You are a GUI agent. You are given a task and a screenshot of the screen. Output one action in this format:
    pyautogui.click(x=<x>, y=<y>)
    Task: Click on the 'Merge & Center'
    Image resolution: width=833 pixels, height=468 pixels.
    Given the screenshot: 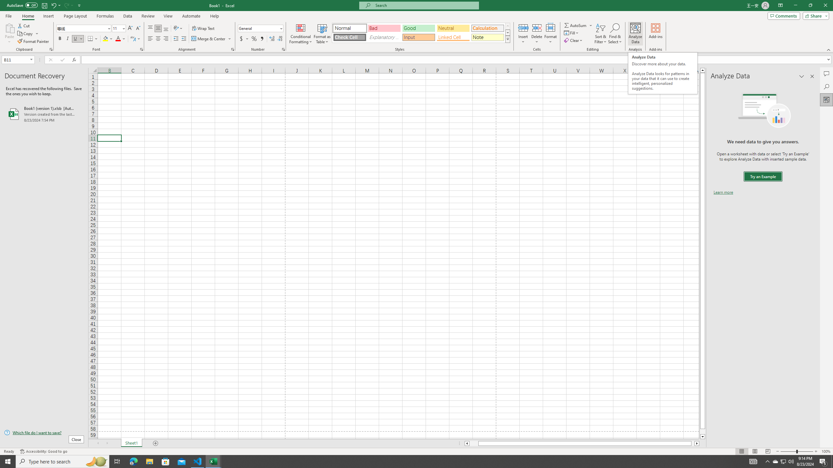 What is the action you would take?
    pyautogui.click(x=211, y=38)
    